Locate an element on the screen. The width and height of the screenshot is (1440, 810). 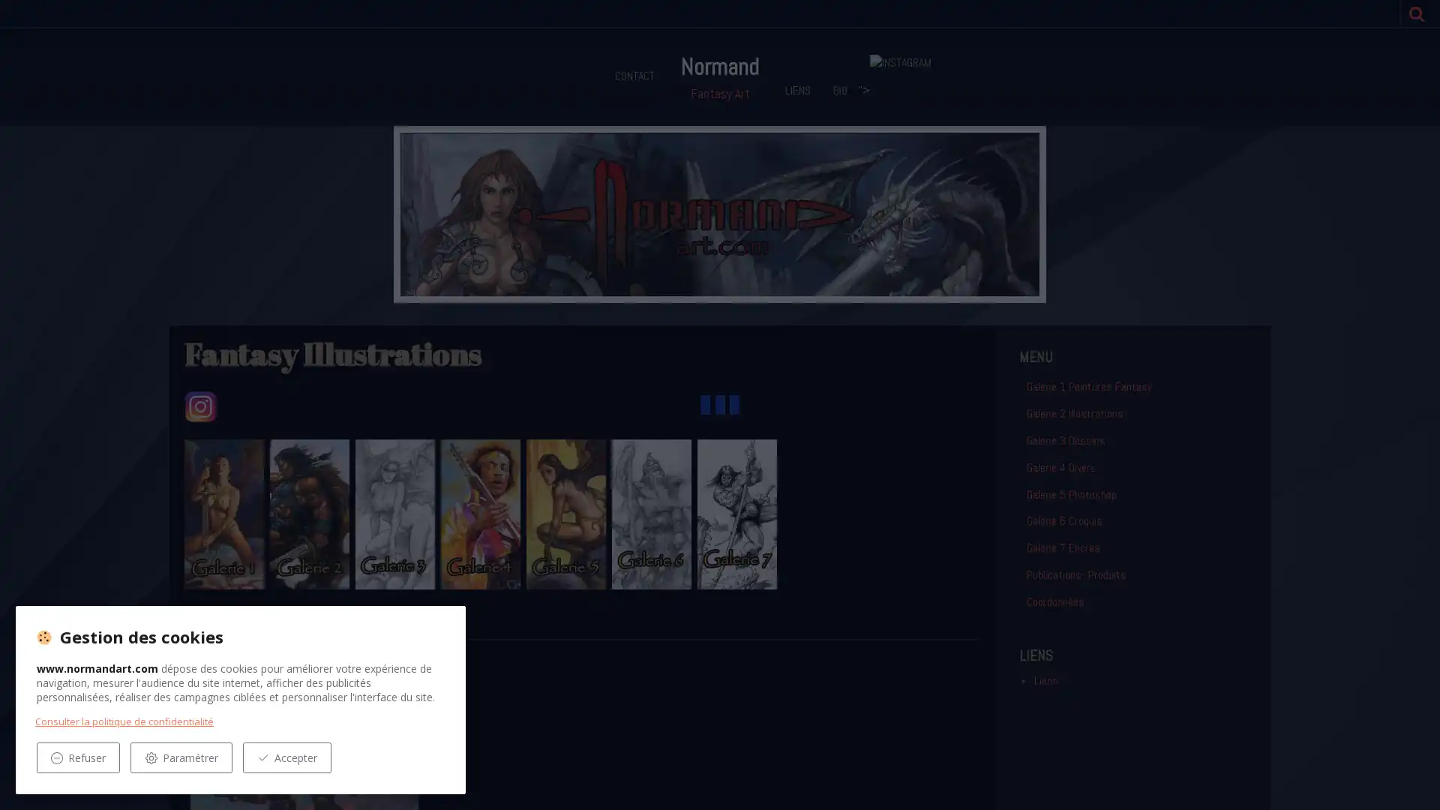
Refuser is located at coordinates (77, 757).